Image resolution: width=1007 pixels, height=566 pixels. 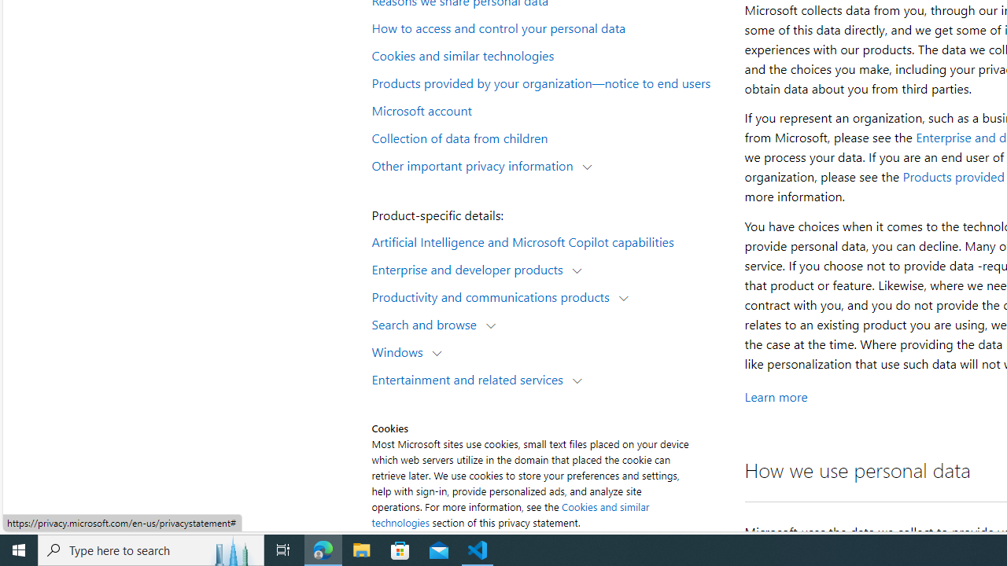 What do you see at coordinates (776, 396) in the screenshot?
I see `'Learn more about Personal data we collect'` at bounding box center [776, 396].